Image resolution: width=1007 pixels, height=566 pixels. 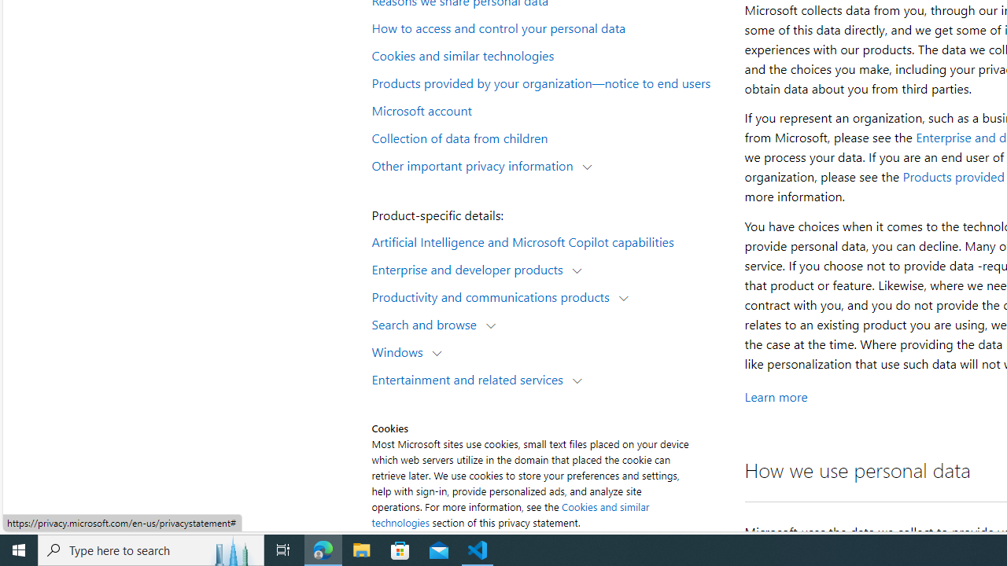 What do you see at coordinates (776, 396) in the screenshot?
I see `'Learn more about Personal data we collect'` at bounding box center [776, 396].